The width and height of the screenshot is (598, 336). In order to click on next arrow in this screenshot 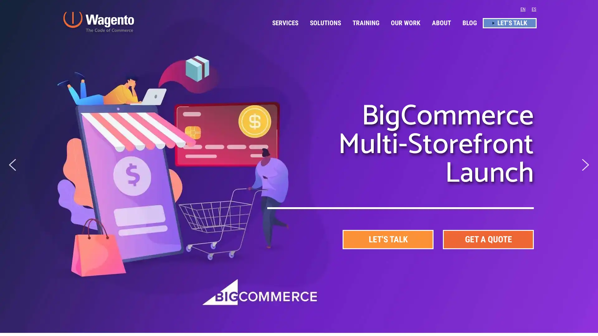, I will do `click(585, 164)`.